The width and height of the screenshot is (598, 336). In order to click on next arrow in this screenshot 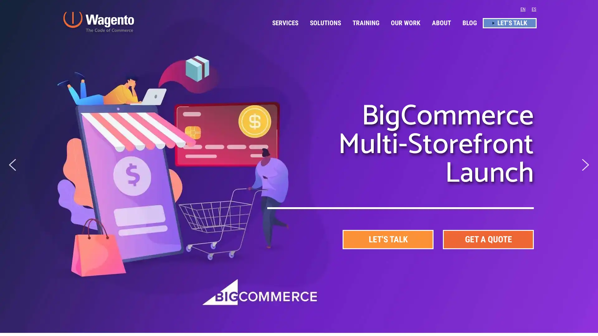, I will do `click(585, 164)`.